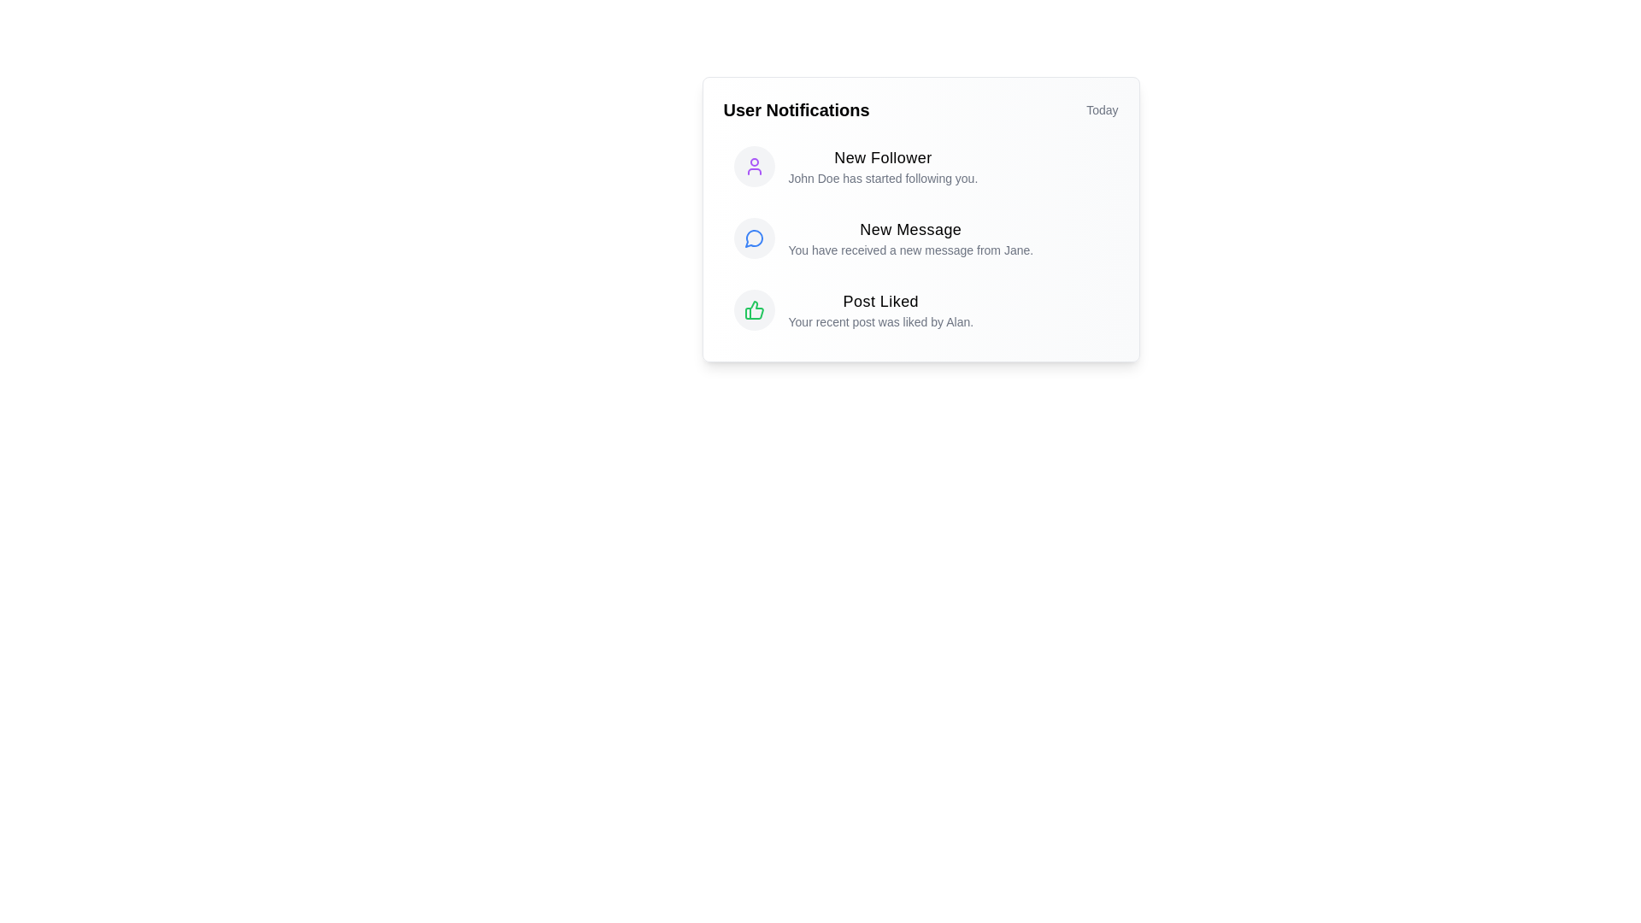 This screenshot has height=923, width=1641. I want to click on the purple-colored user icon resembling an outline of a head and torso, which is located adjacent to the 'New Follower' notification for 'John Doe has started following you.', so click(753, 167).